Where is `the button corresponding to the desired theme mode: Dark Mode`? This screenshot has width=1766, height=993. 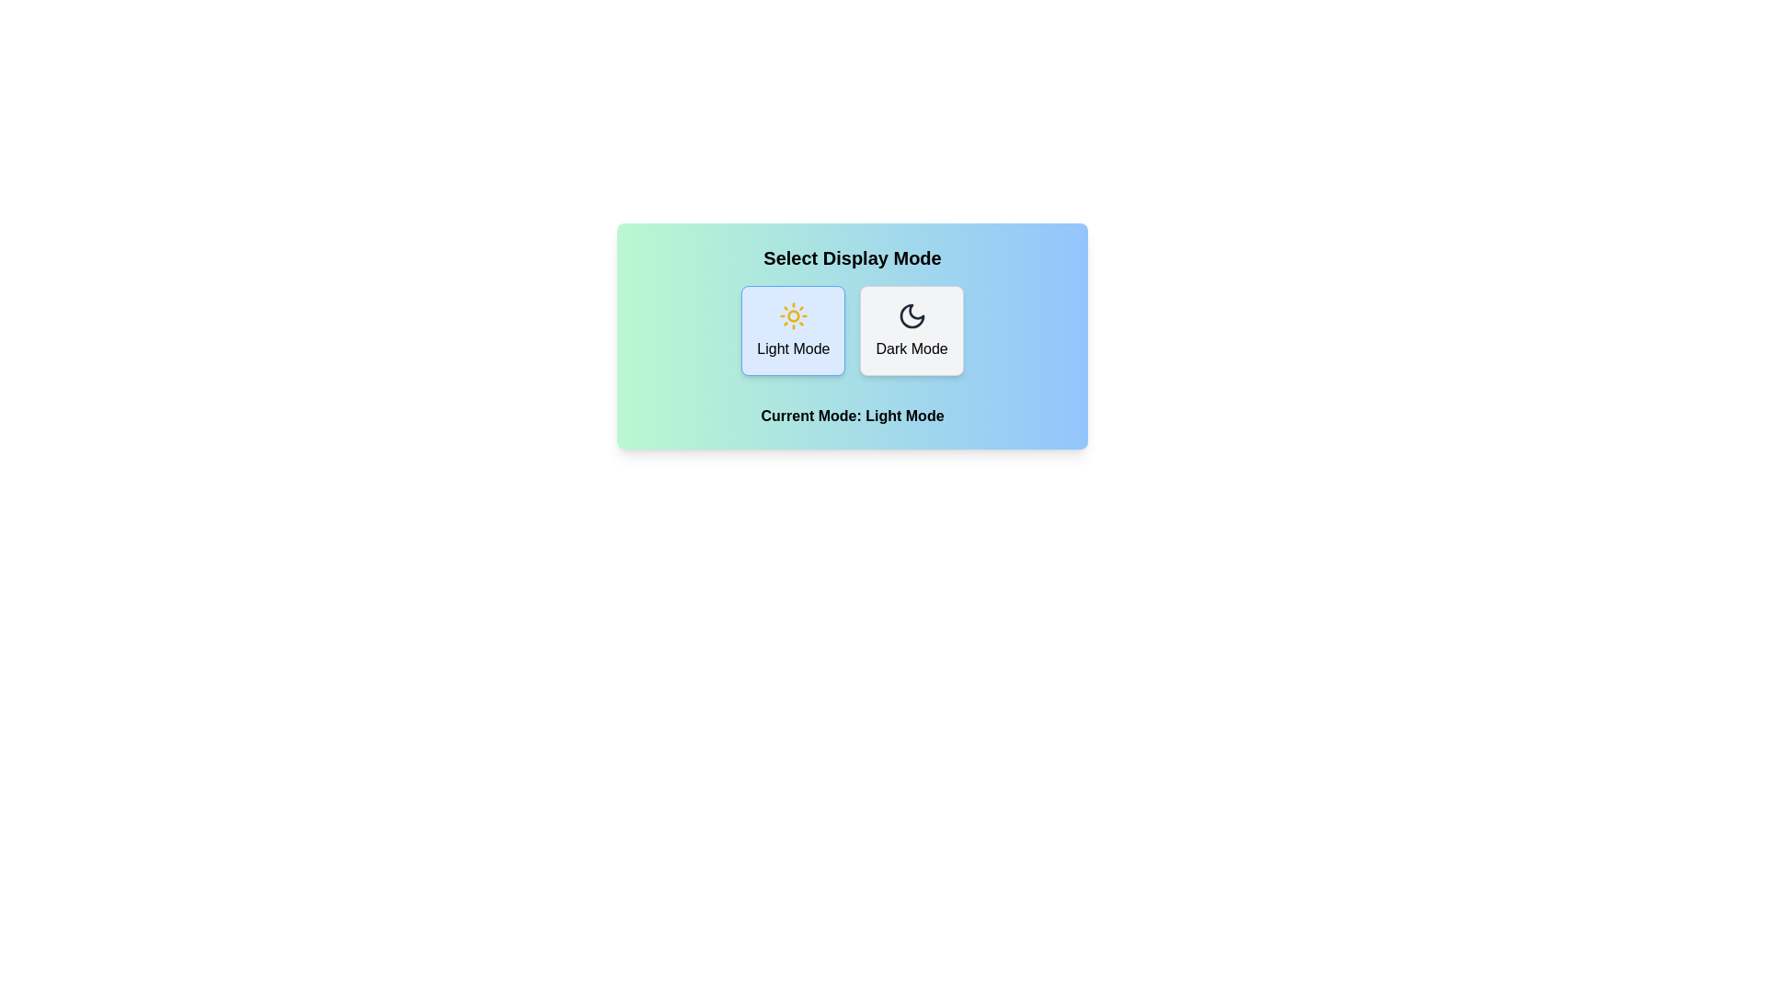 the button corresponding to the desired theme mode: Dark Mode is located at coordinates (912, 329).